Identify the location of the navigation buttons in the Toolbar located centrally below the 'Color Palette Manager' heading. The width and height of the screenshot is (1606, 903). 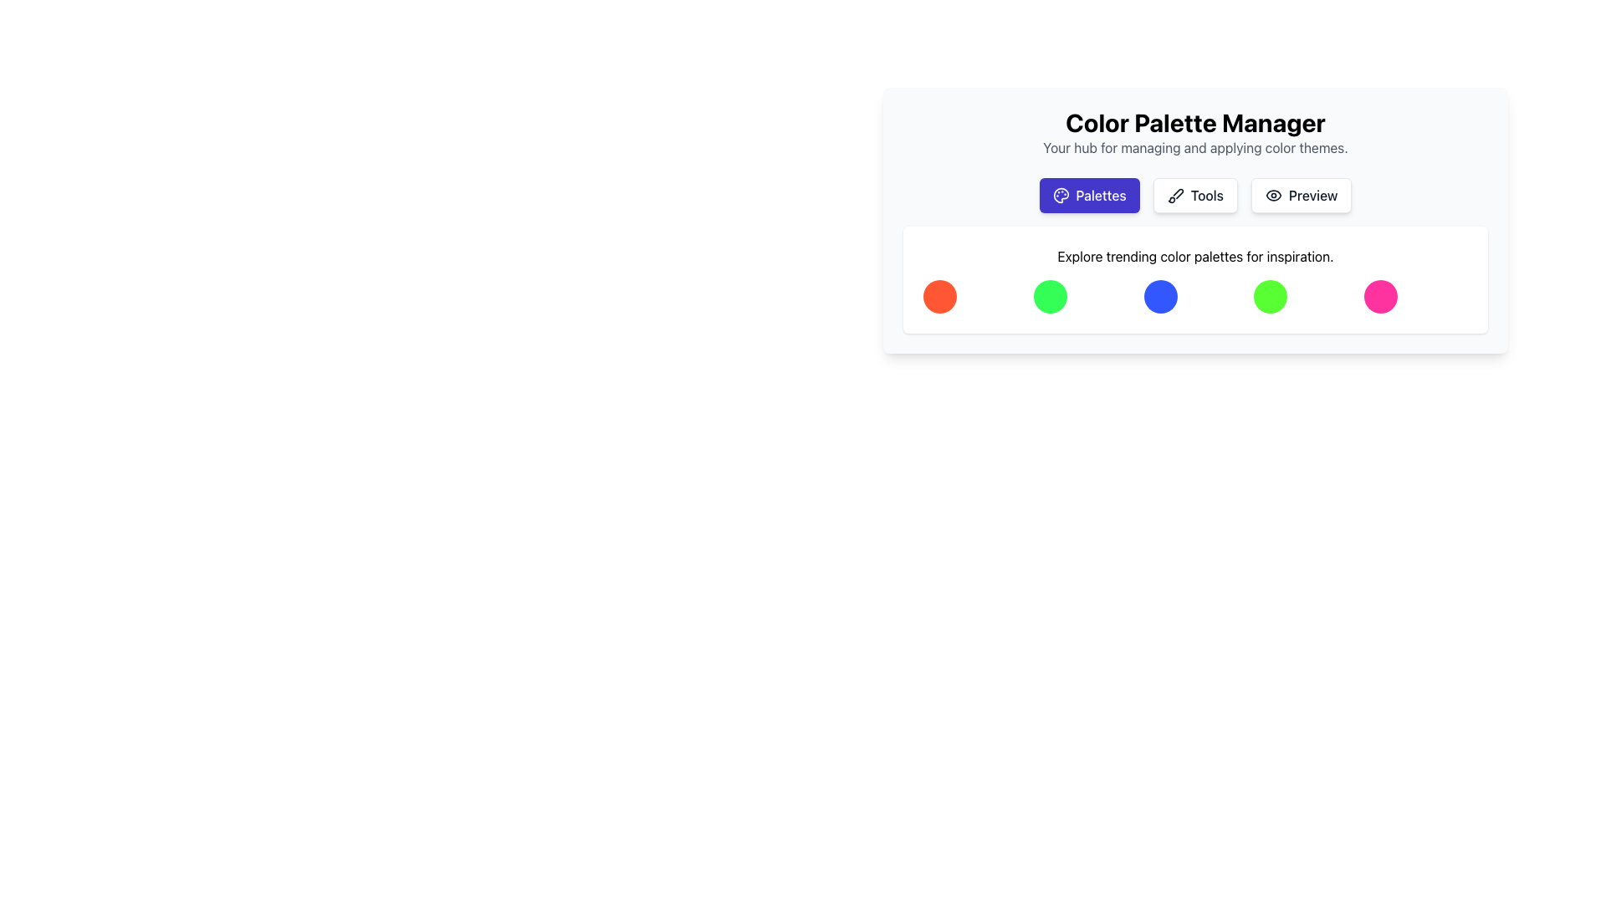
(1194, 195).